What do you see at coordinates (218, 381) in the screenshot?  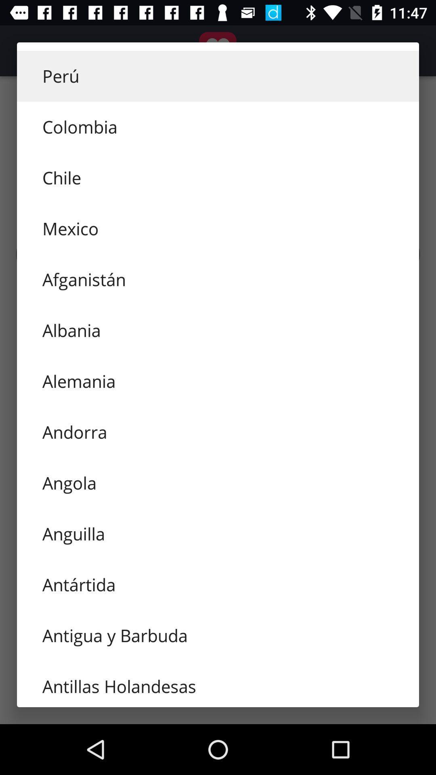 I see `the alemania icon` at bounding box center [218, 381].